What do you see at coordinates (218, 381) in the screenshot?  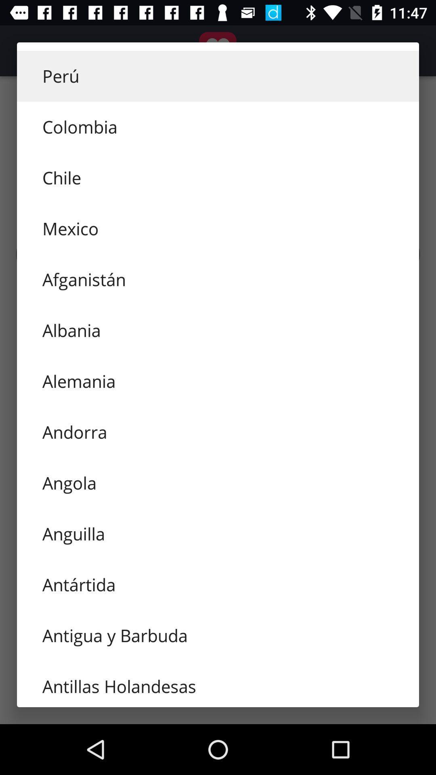 I see `the alemania icon` at bounding box center [218, 381].